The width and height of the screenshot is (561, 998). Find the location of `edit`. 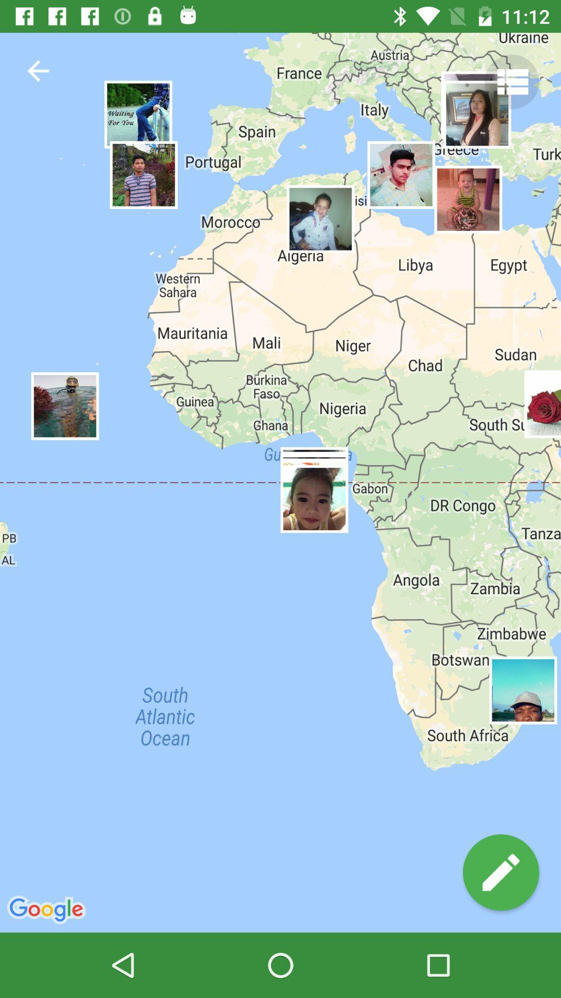

edit is located at coordinates (500, 872).